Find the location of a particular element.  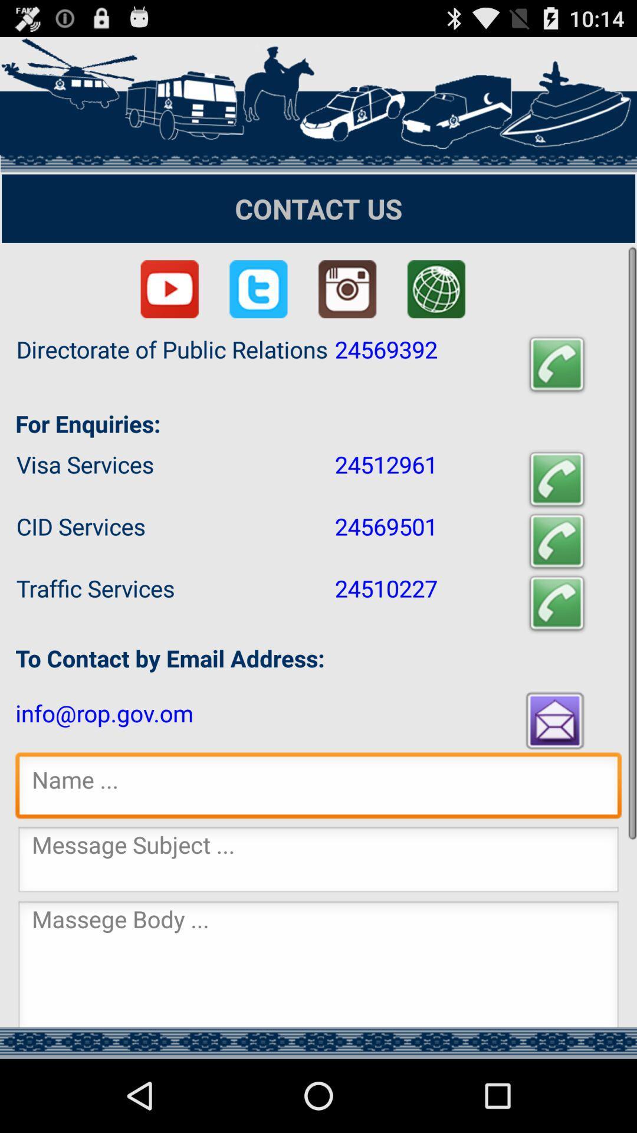

the item to the right of 24569501 icon is located at coordinates (557, 541).